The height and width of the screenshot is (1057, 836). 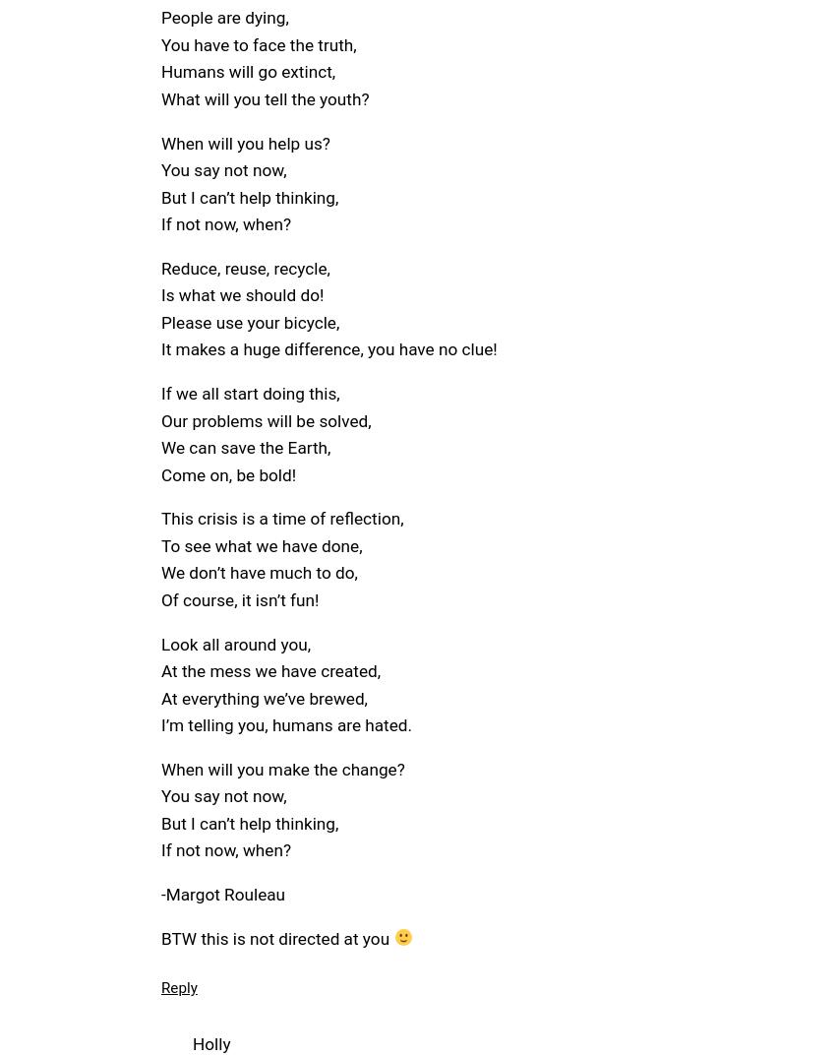 What do you see at coordinates (280, 519) in the screenshot?
I see `'This crisis is a time of reflection,'` at bounding box center [280, 519].